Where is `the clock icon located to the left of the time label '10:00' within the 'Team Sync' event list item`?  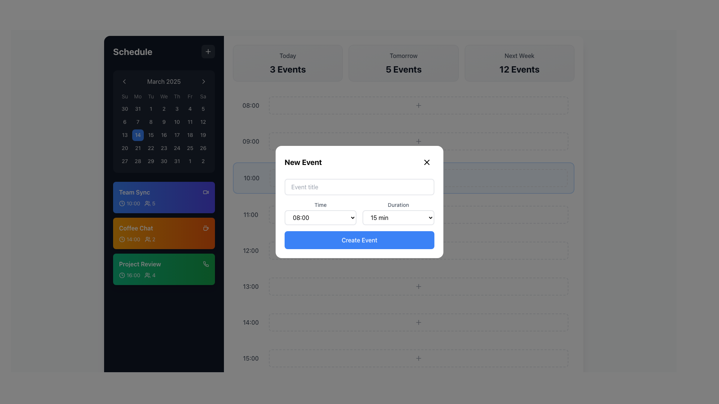
the clock icon located to the left of the time label '10:00' within the 'Team Sync' event list item is located at coordinates (122, 203).